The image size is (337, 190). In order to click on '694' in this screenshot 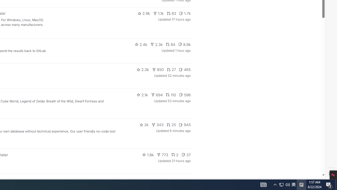, I will do `click(157, 94)`.